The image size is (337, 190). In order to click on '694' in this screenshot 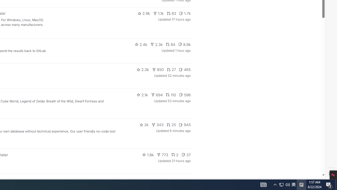, I will do `click(157, 94)`.